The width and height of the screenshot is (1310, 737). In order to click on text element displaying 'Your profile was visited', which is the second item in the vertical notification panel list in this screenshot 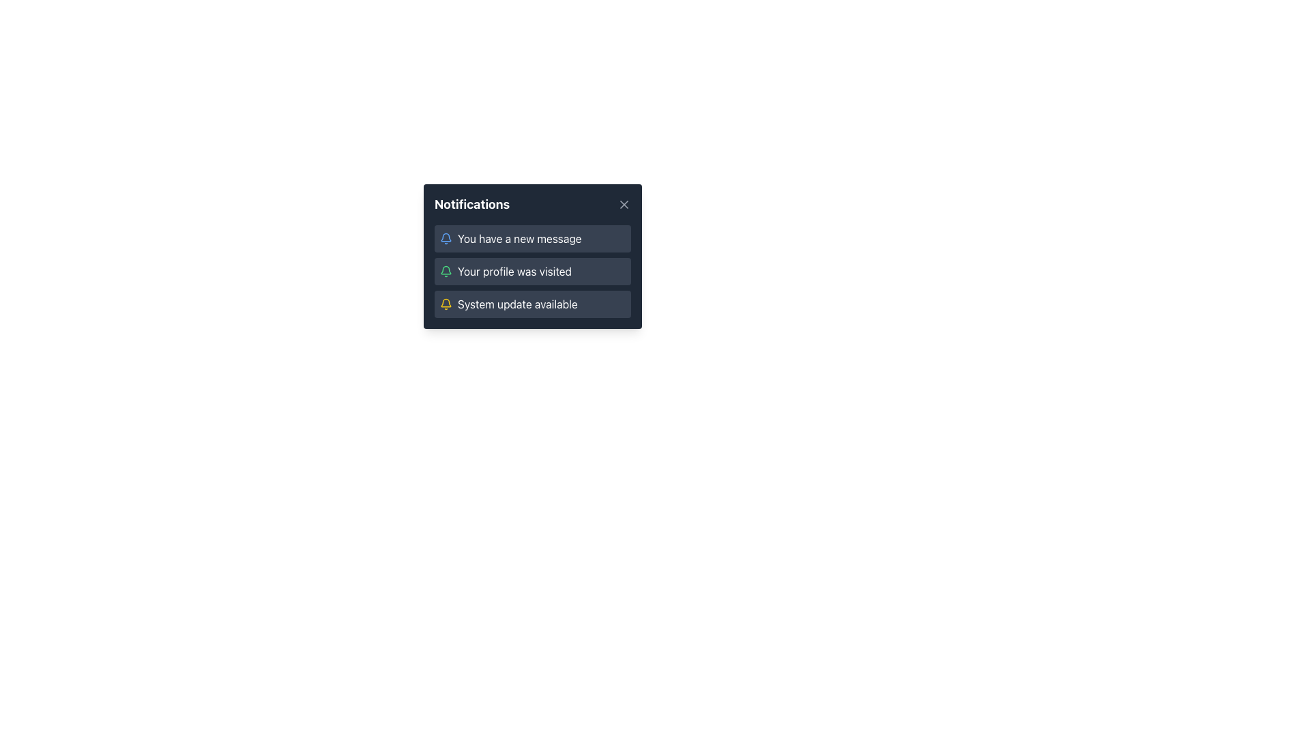, I will do `click(514, 271)`.